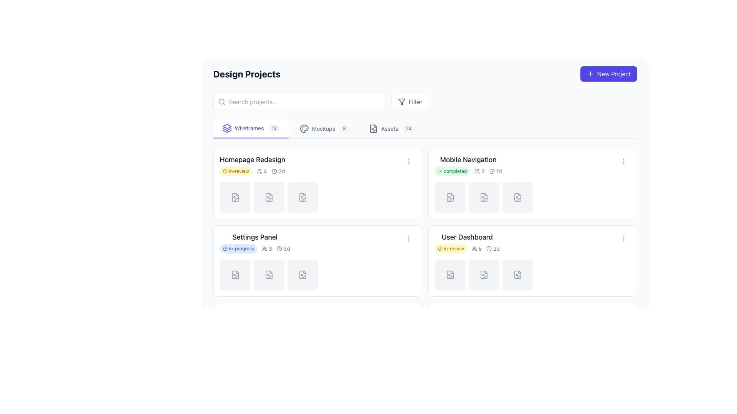 The width and height of the screenshot is (737, 414). Describe the element at coordinates (317, 165) in the screenshot. I see `the project summary panel for 'Homepage Redesign' located` at that location.